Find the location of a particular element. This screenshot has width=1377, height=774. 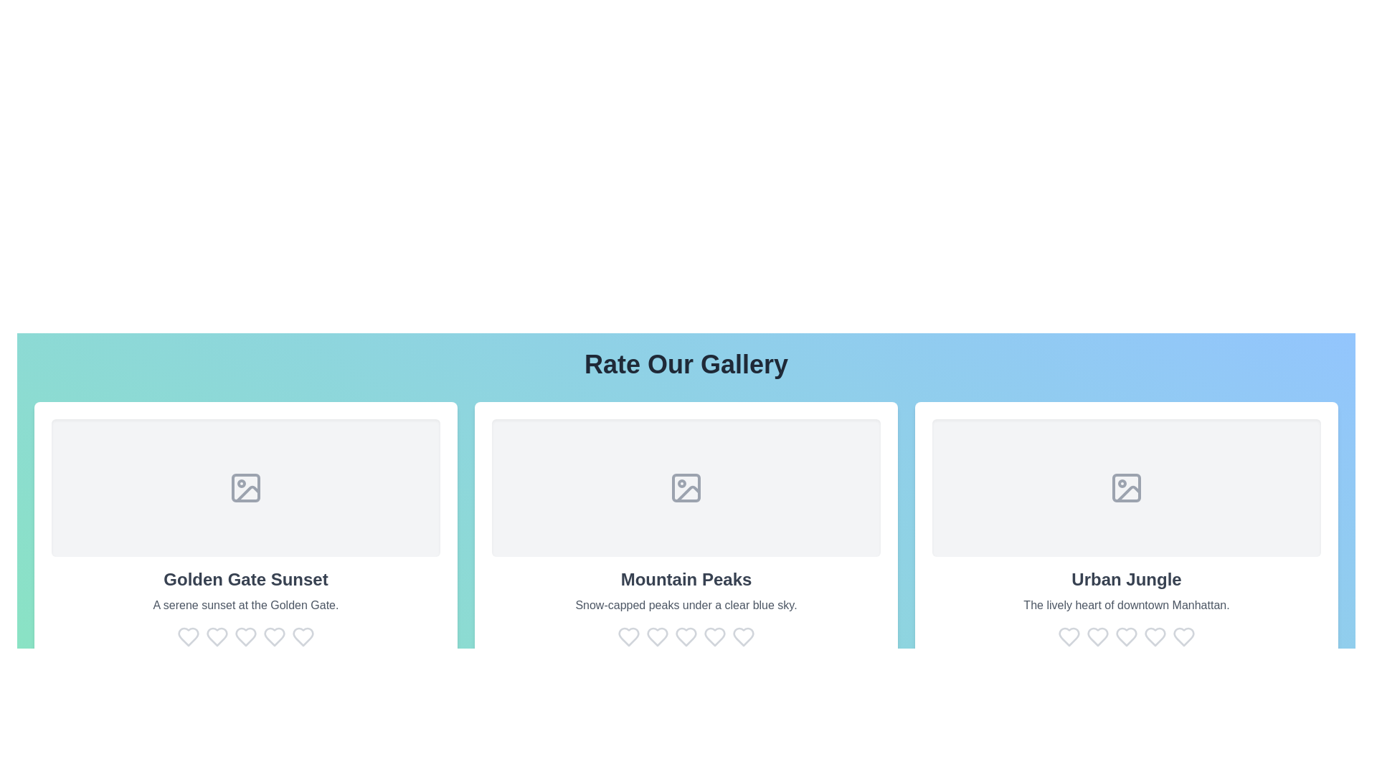

the image placeholder for Golden Gate Sunset is located at coordinates (245, 487).